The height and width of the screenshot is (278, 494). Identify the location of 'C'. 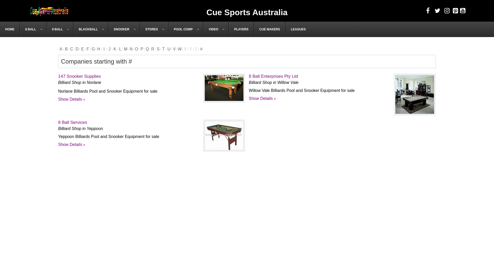
(71, 49).